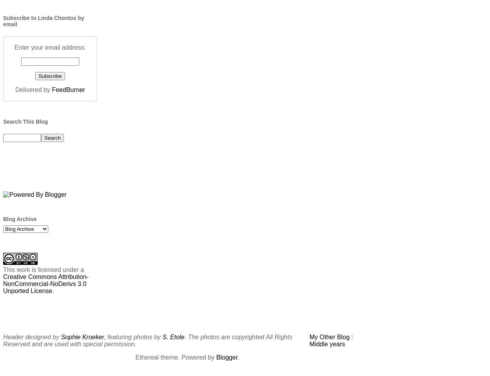 This screenshot has width=490, height=376. I want to click on ', featuring photos by', so click(132, 336).